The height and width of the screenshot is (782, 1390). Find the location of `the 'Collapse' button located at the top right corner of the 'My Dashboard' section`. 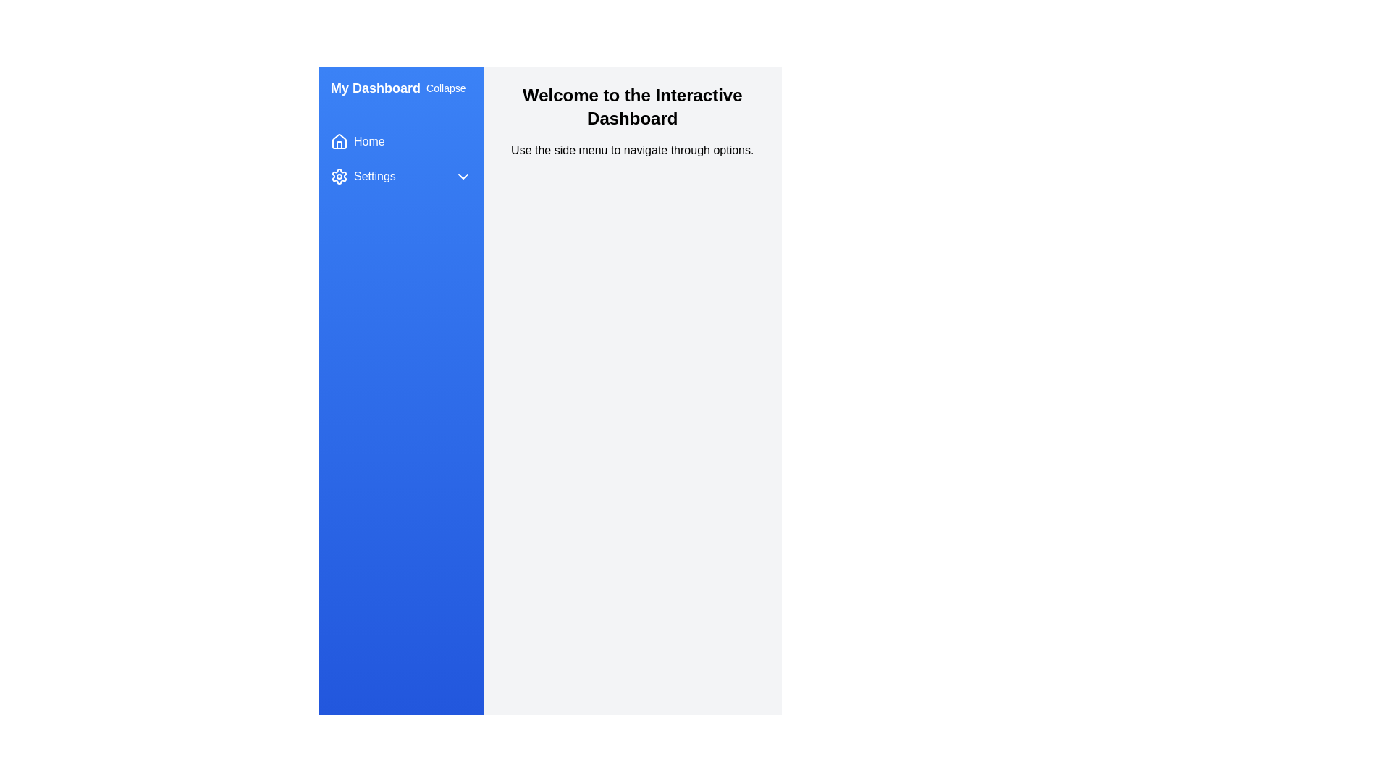

the 'Collapse' button located at the top right corner of the 'My Dashboard' section is located at coordinates (445, 88).